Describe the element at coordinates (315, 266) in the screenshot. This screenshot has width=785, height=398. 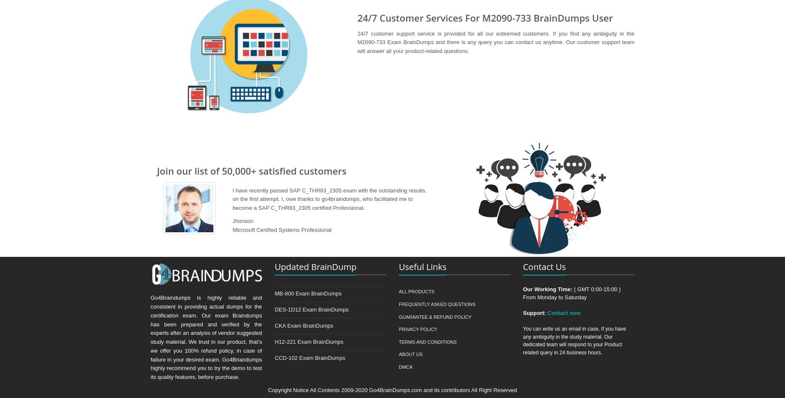
I see `'Updated BrainDump'` at that location.